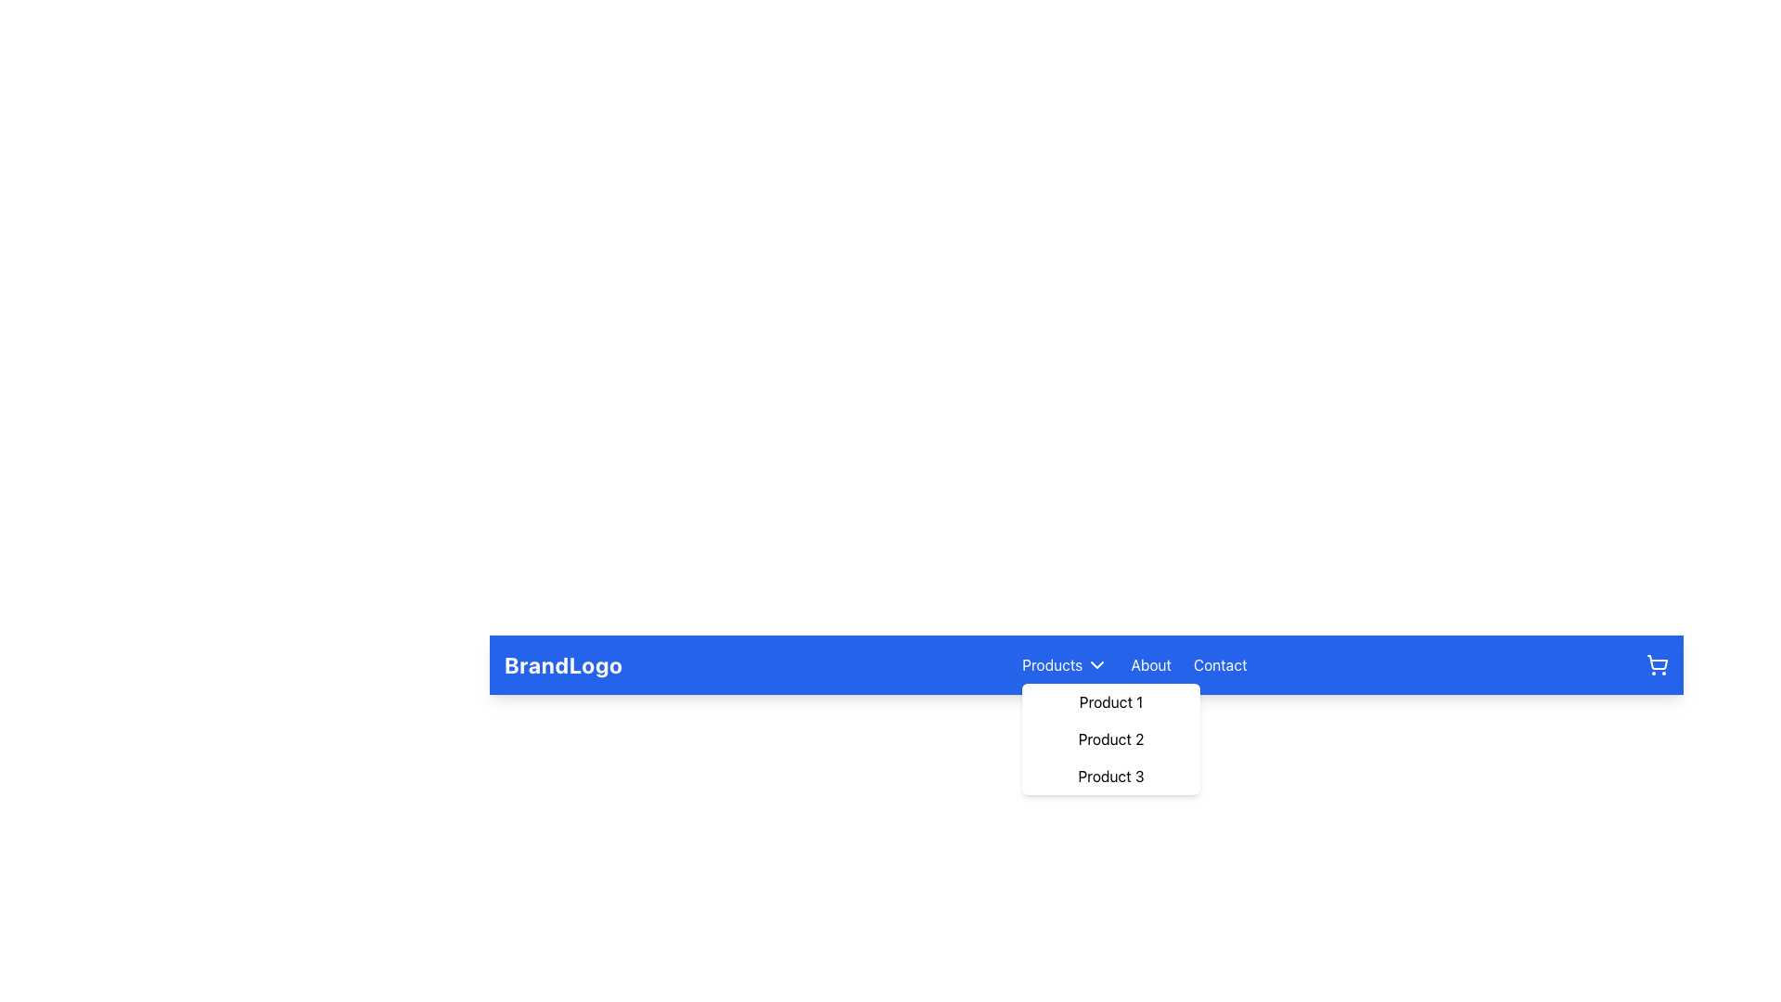  What do you see at coordinates (1657, 664) in the screenshot?
I see `the shopping cart icon located at the far right of the navigation bar, which serves as a button` at bounding box center [1657, 664].